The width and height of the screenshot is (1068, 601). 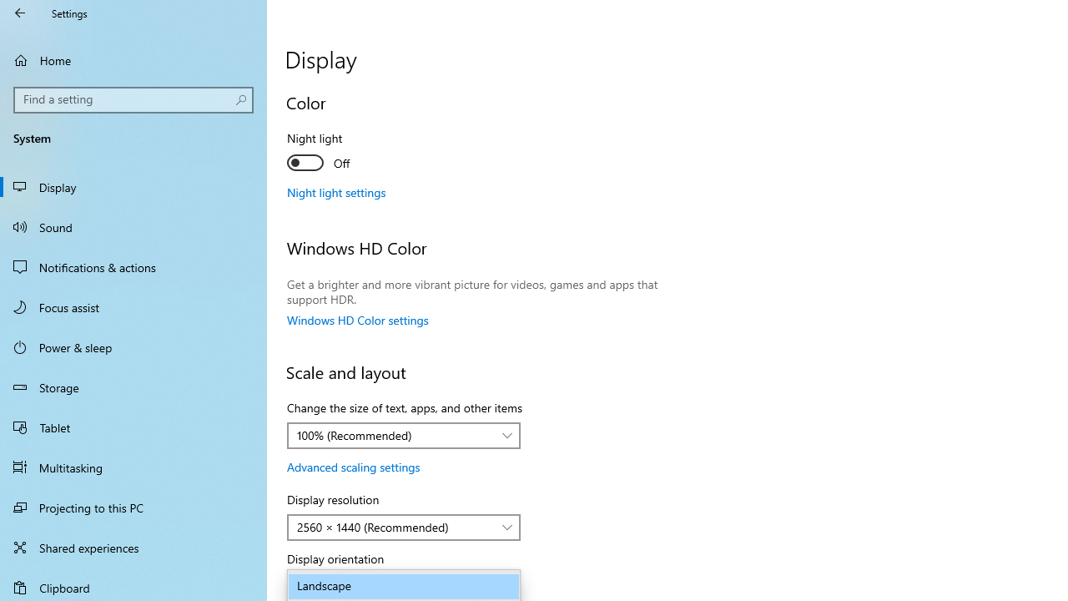 I want to click on 'Shared experiences', so click(x=133, y=547).